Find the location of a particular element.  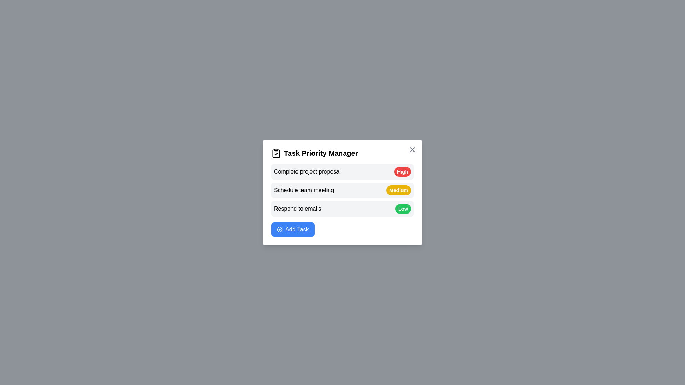

the close button to close the dialog is located at coordinates (412, 149).